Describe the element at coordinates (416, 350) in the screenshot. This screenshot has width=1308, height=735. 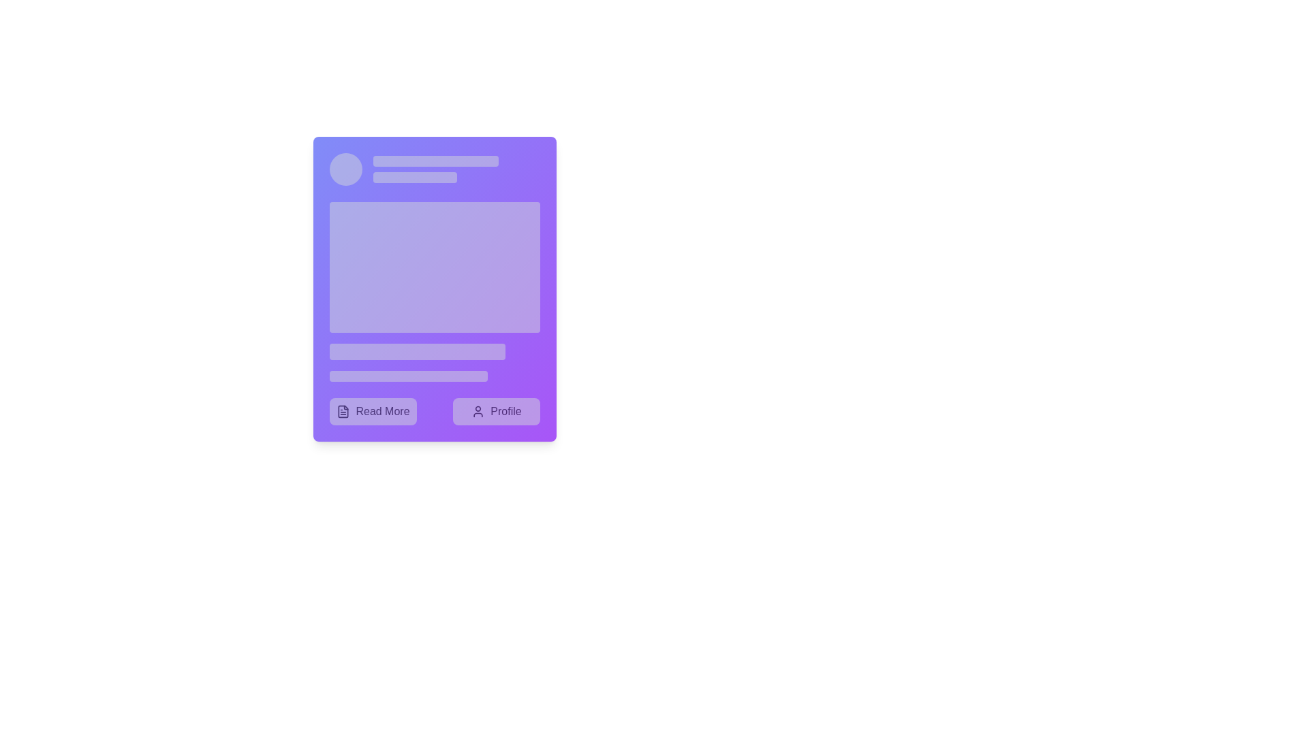
I see `the decorative bar that separates or groups content within the interface, located in the lower middle portion of the layout` at that location.